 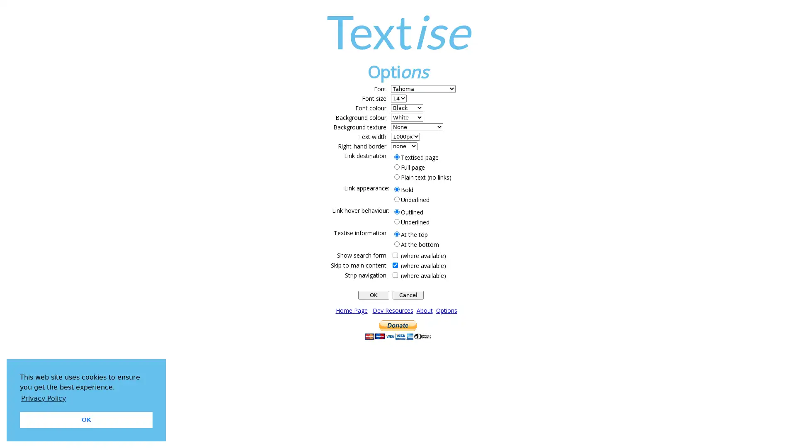 I want to click on dismiss cookie message, so click(x=86, y=419).